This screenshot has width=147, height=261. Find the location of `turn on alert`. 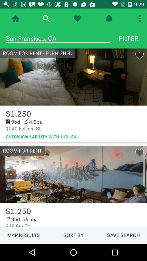

turn on alert is located at coordinates (109, 18).